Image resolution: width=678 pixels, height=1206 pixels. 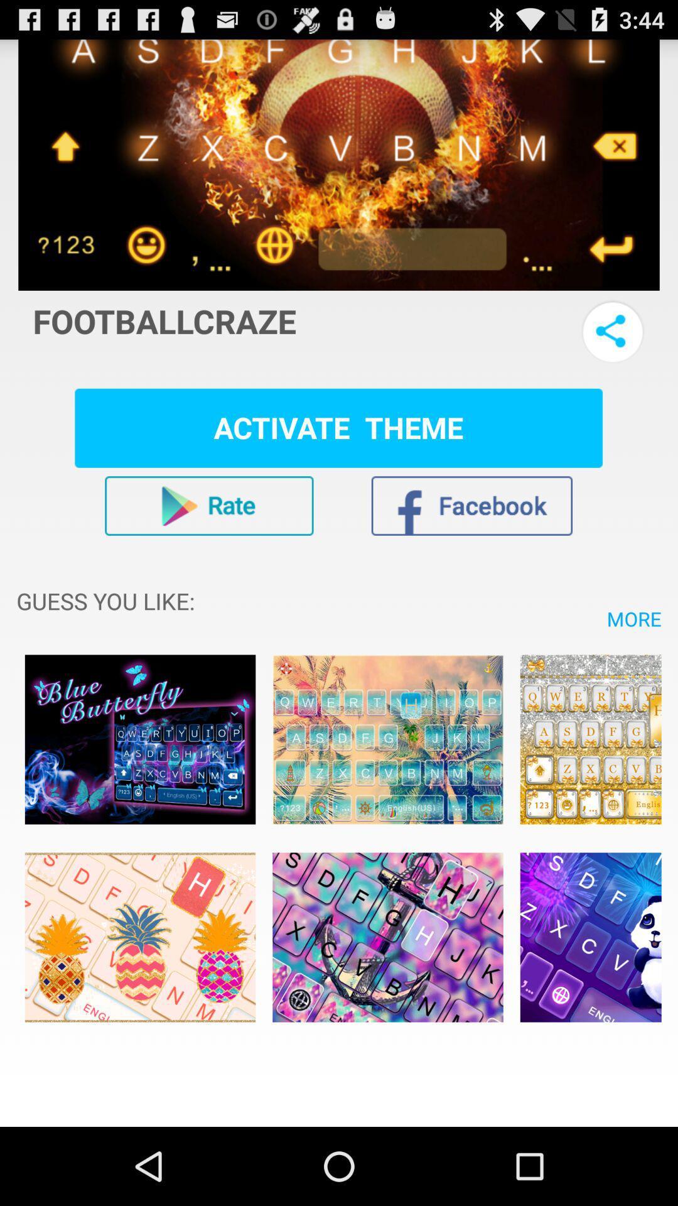 I want to click on the share icon, so click(x=612, y=354).